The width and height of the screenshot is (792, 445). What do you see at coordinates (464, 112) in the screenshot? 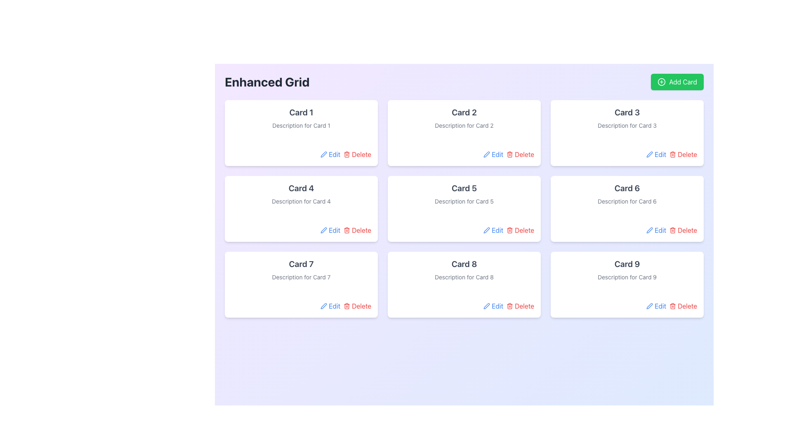
I see `the Static Text Label that serves as the title for the second card in the first row of a three-by-three grid layout, located above the description text 'Description for Card 2'` at bounding box center [464, 112].